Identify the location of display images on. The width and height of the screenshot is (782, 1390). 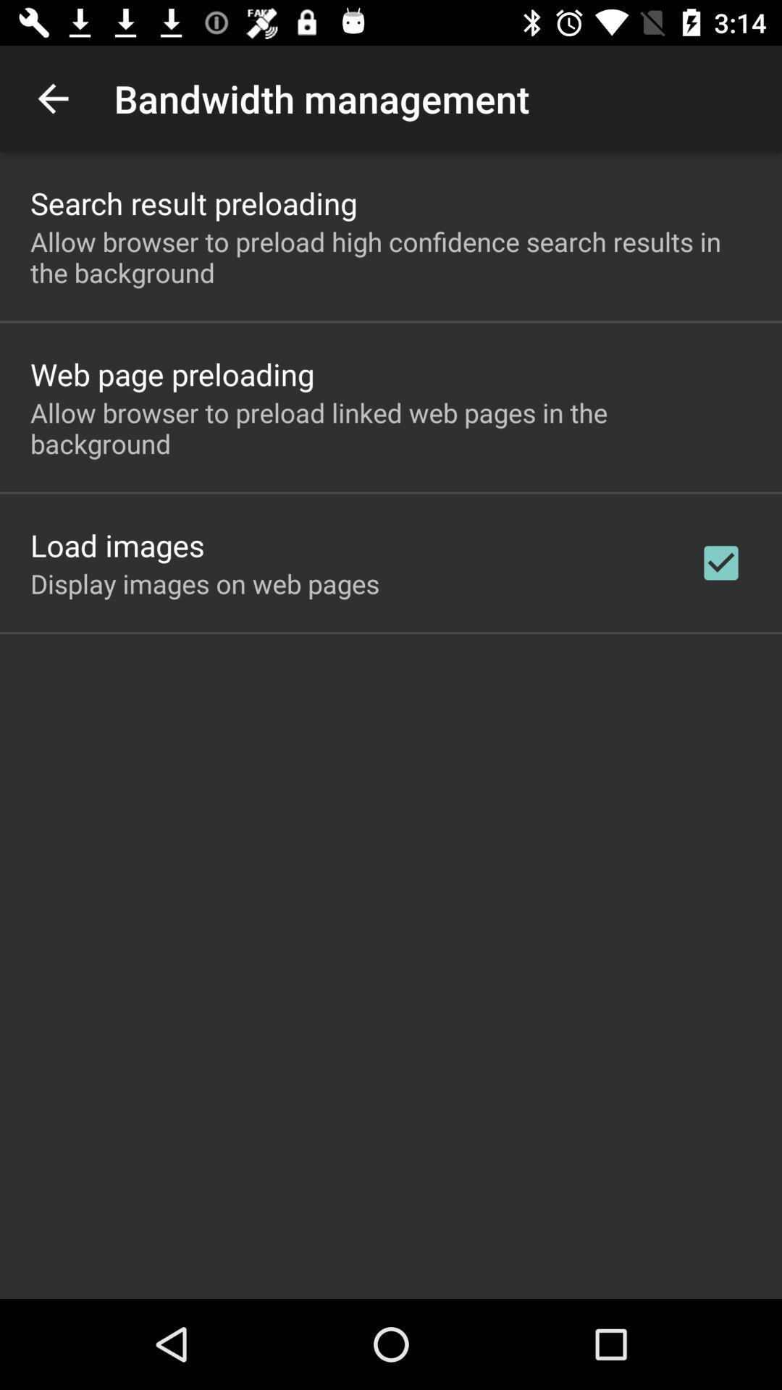
(205, 584).